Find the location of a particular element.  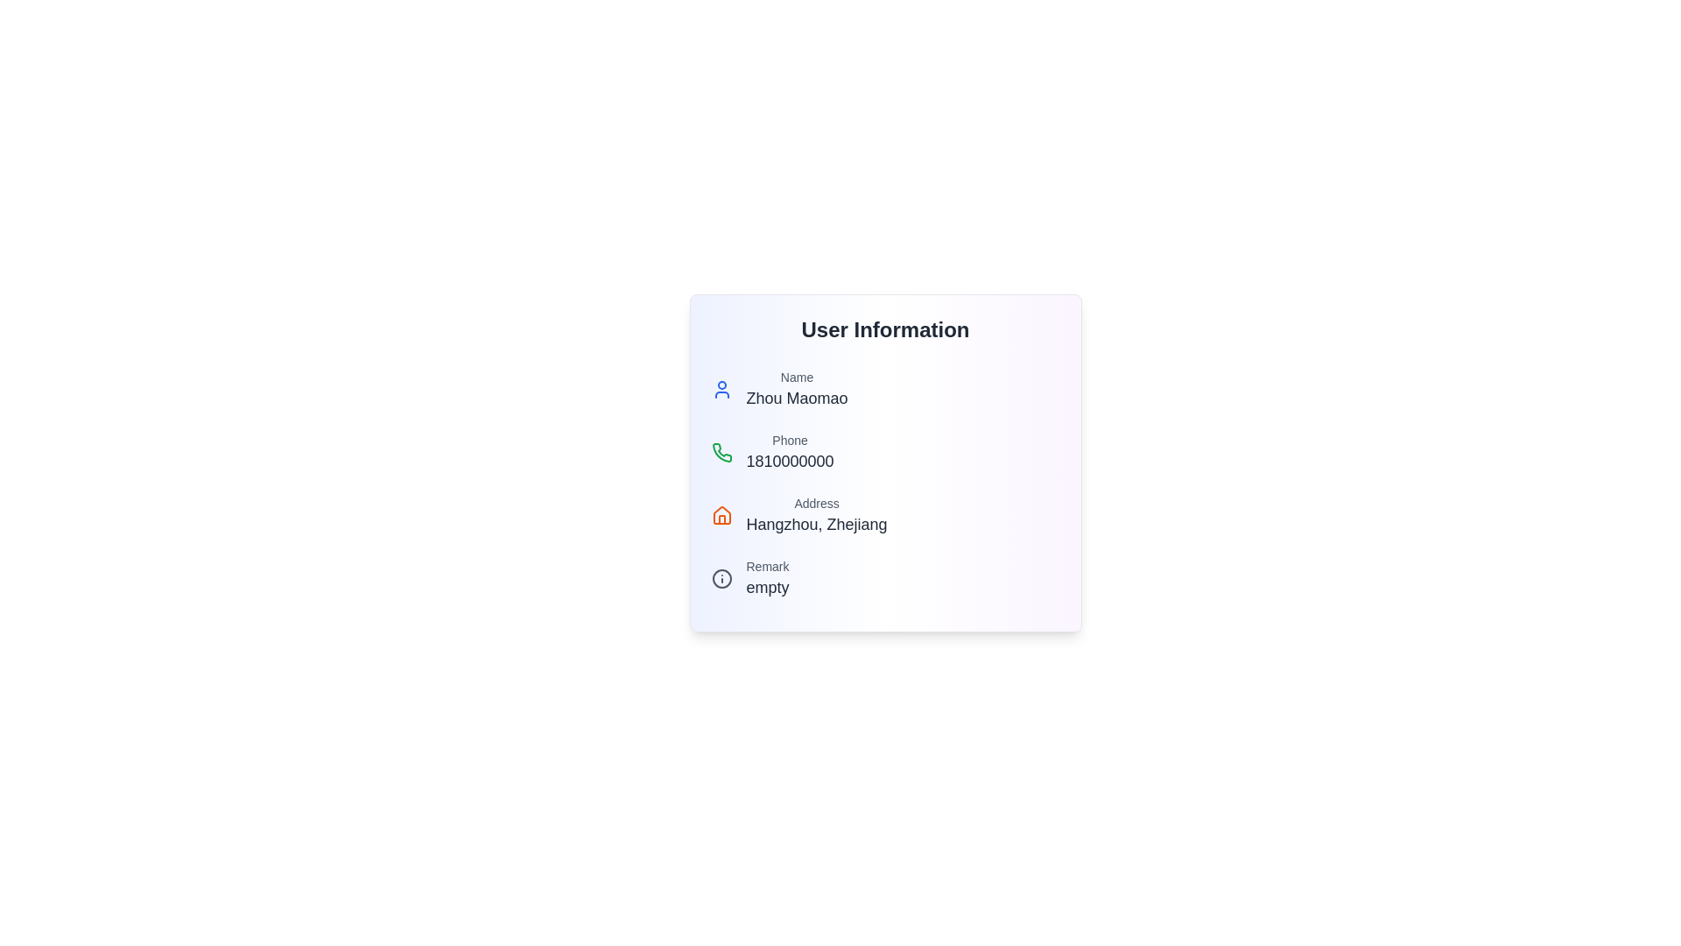

on the text display showing '1810000000' located below the green phone icon in the 'User Information' panel is located at coordinates (789, 451).